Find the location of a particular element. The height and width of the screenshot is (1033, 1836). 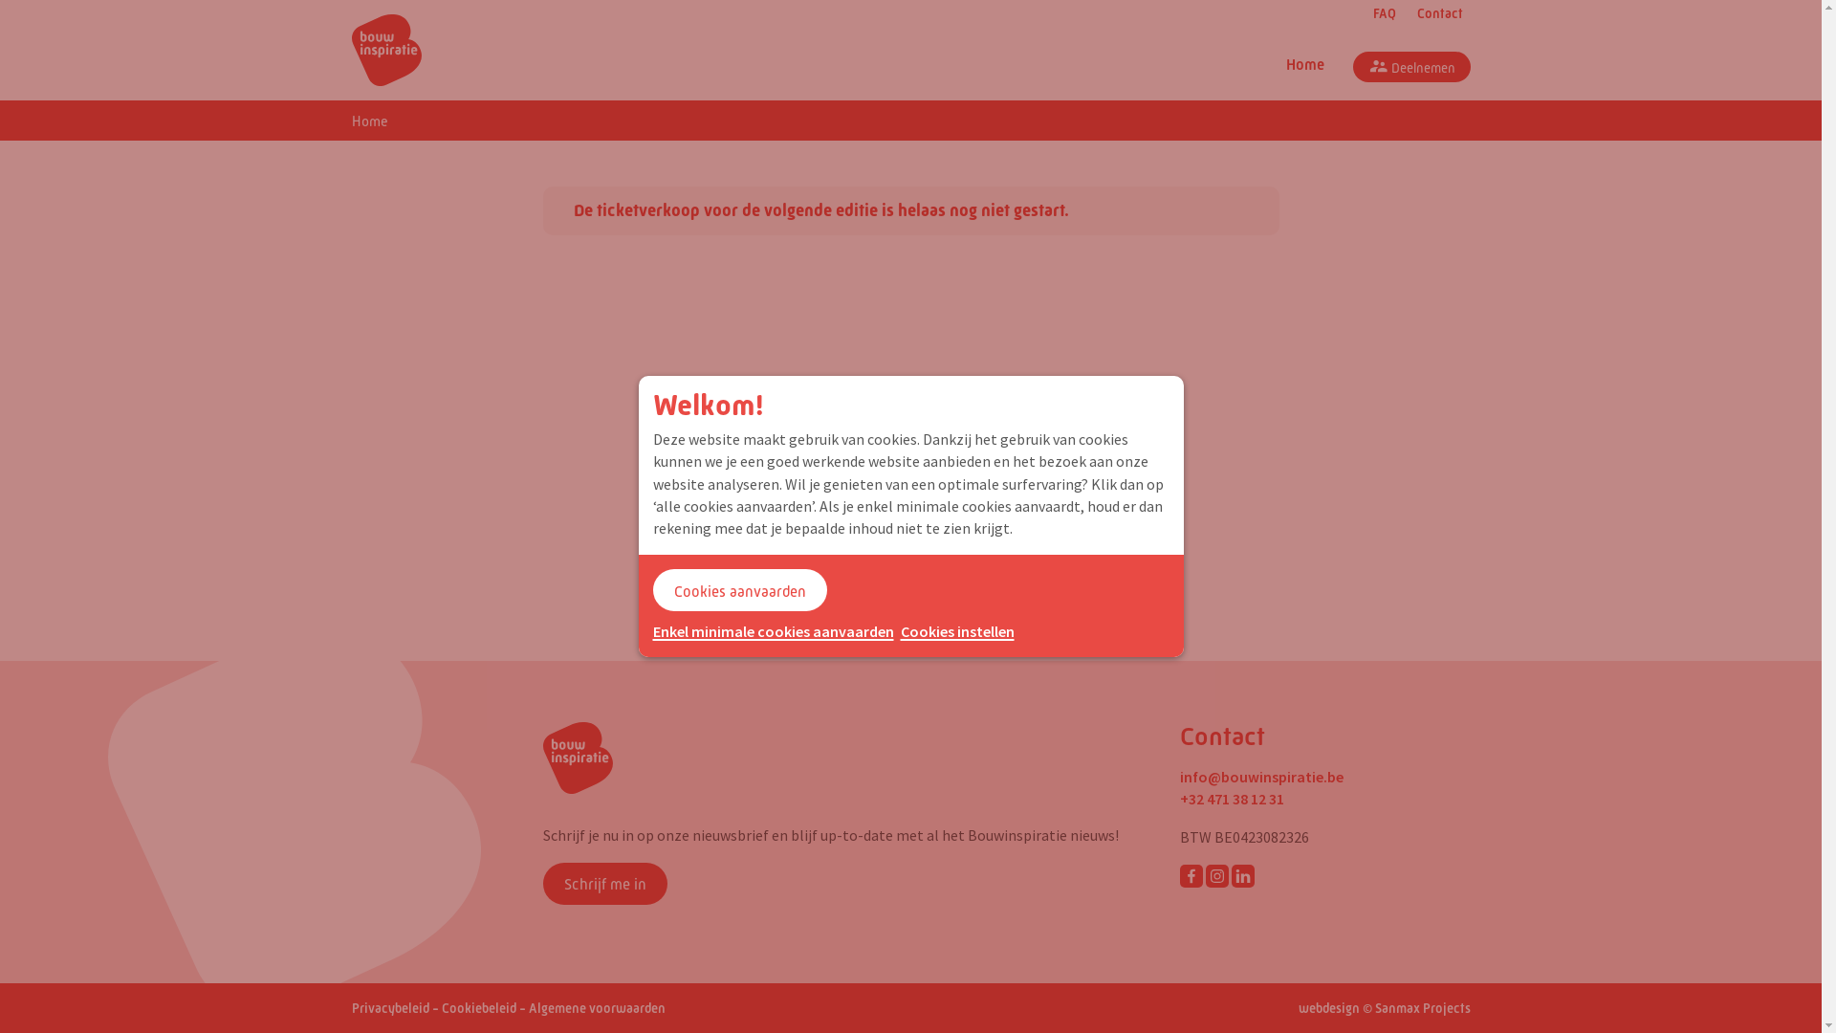

'Enkel minimale cookies aanvaarden' is located at coordinates (772, 630).